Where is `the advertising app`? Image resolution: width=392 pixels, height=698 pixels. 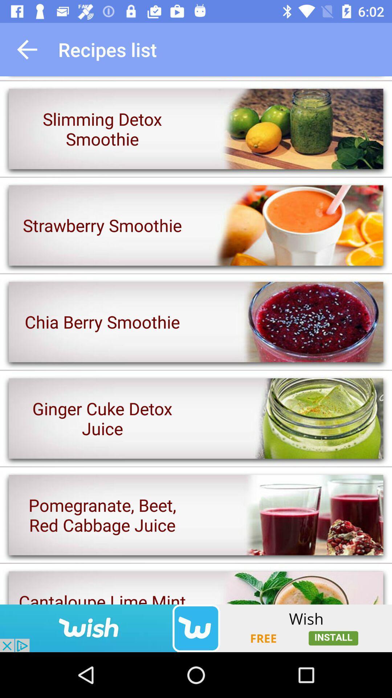
the advertising app is located at coordinates (196, 628).